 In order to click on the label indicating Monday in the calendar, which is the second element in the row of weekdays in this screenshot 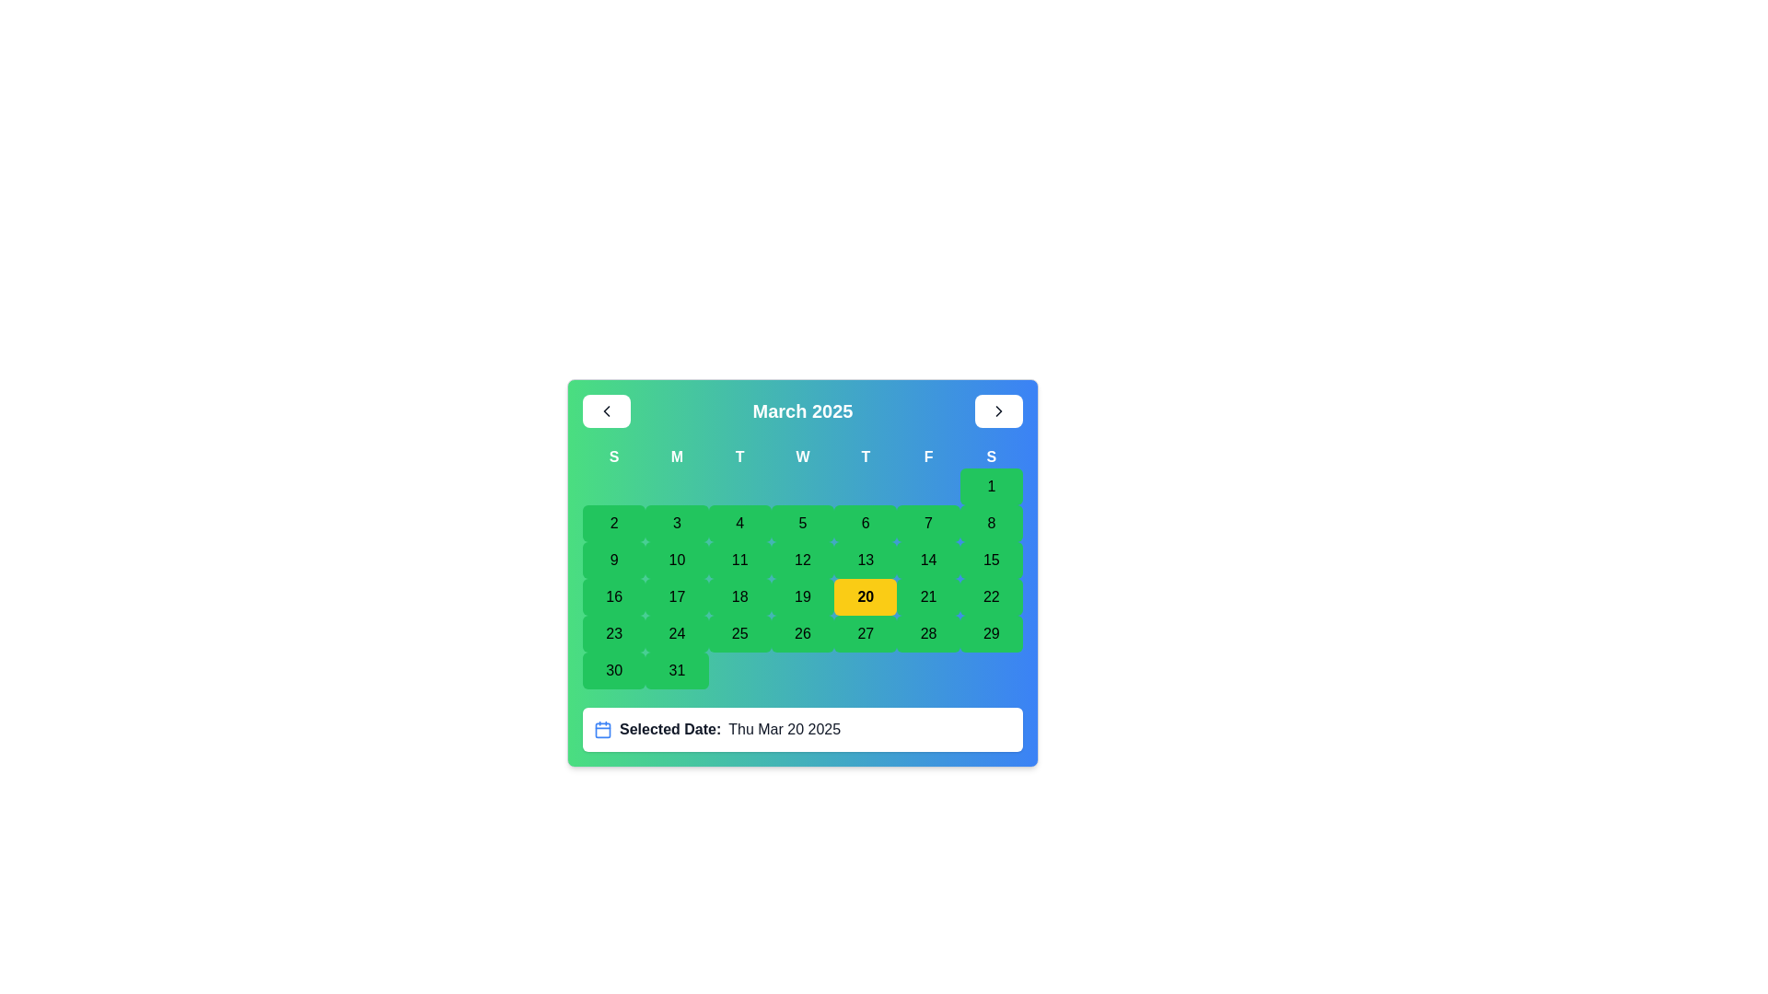, I will do `click(676, 457)`.